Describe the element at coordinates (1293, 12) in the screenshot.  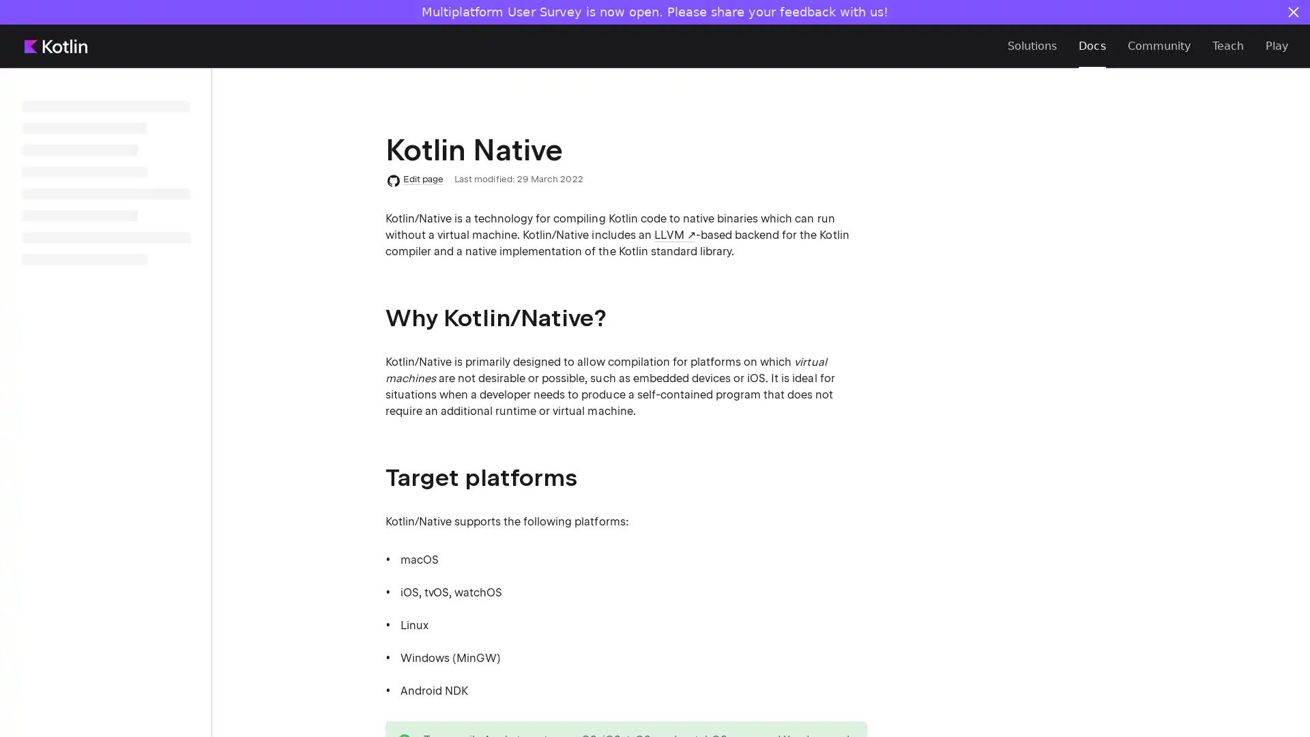
I see `Close` at that location.